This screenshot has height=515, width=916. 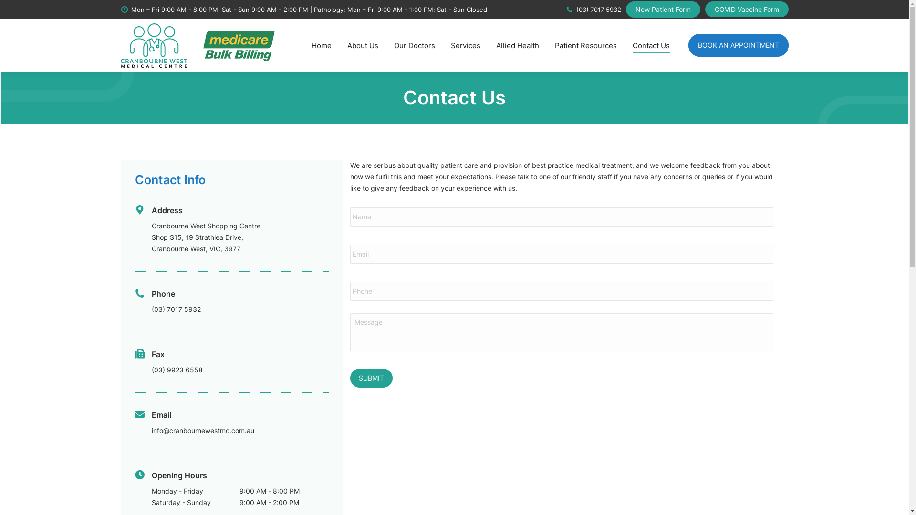 I want to click on 'Phone', so click(x=163, y=293).